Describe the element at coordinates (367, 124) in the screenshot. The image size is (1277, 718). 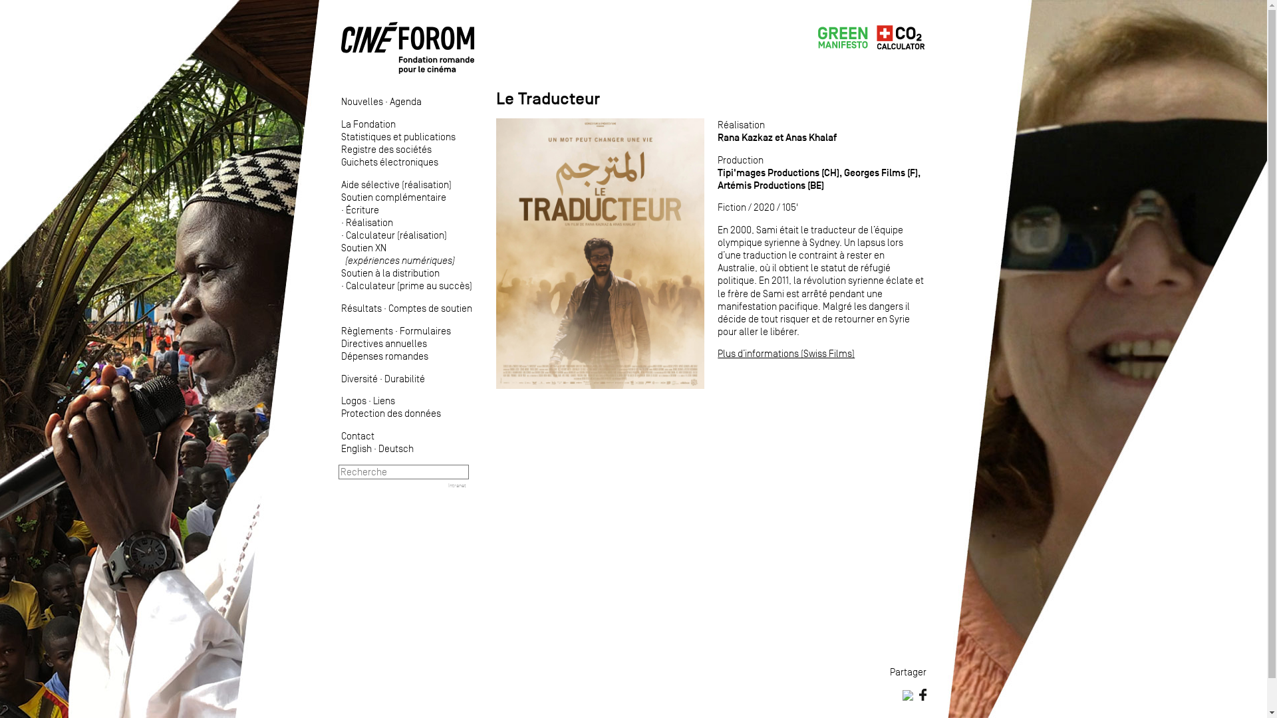
I see `'La Fondation'` at that location.